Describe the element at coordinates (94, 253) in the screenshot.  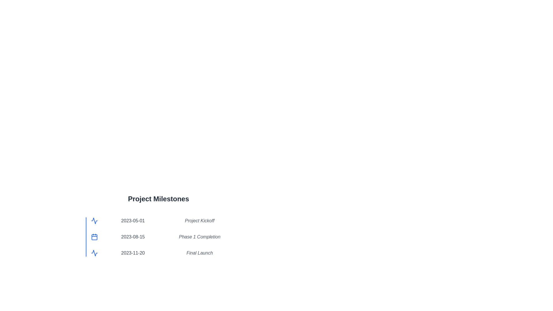
I see `the blue outlined icon representing an activity or waveform, located as the first element in the leftmost column of the 'Final Launch' milestone row` at that location.